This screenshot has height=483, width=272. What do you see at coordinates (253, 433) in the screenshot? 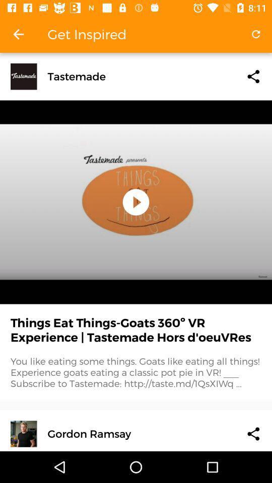
I see `share the article` at bounding box center [253, 433].